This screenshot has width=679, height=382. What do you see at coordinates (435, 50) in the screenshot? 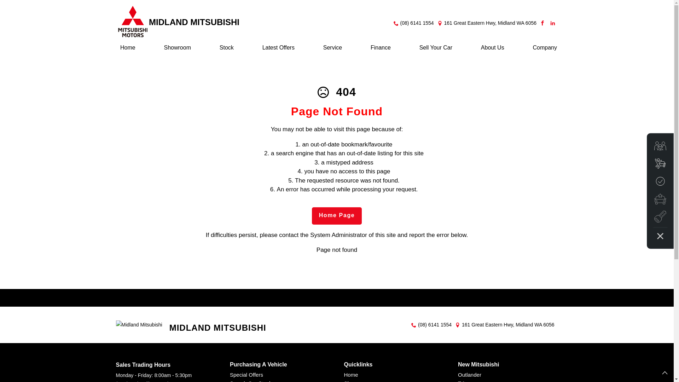
I see `'Sell Your Car'` at bounding box center [435, 50].